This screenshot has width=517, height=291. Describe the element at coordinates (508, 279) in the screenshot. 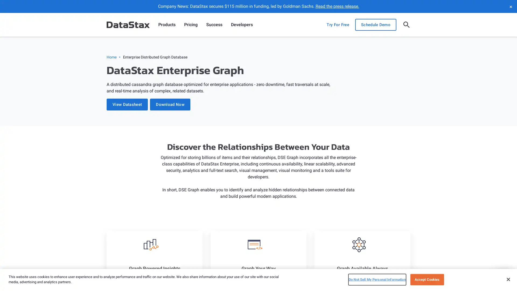

I see `Close` at that location.